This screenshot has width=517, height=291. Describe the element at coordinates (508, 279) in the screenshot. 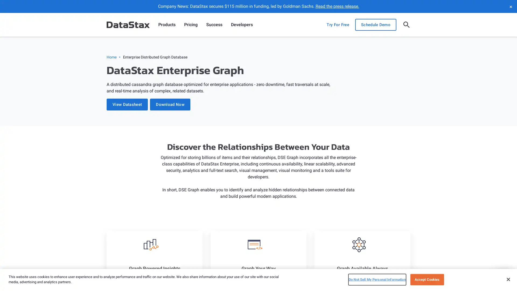

I see `Close` at that location.